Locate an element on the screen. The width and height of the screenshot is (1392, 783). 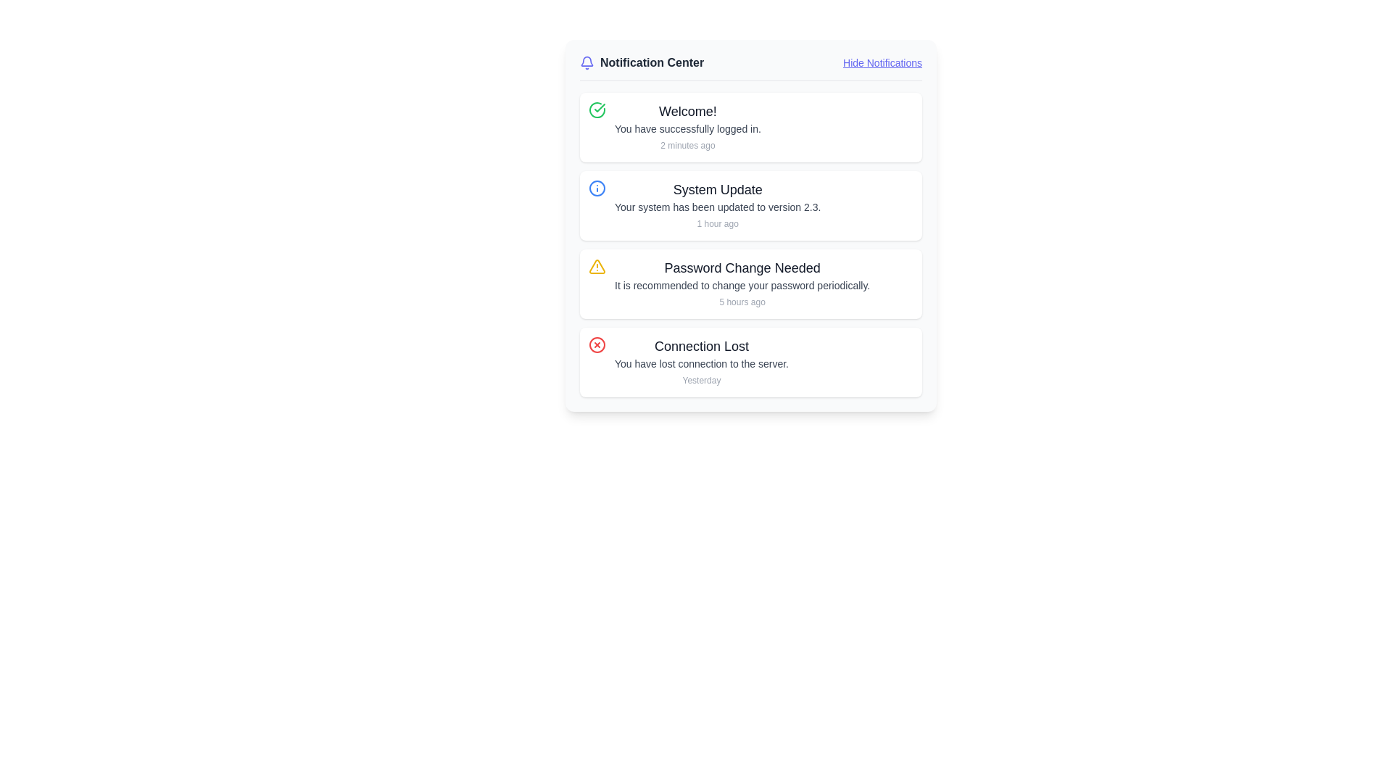
outer circle of the success icon in the first notification card, which is styled as a green circle with a check mark, adjacent to the text 'Welcome!' using the developer tools is located at coordinates (597, 109).